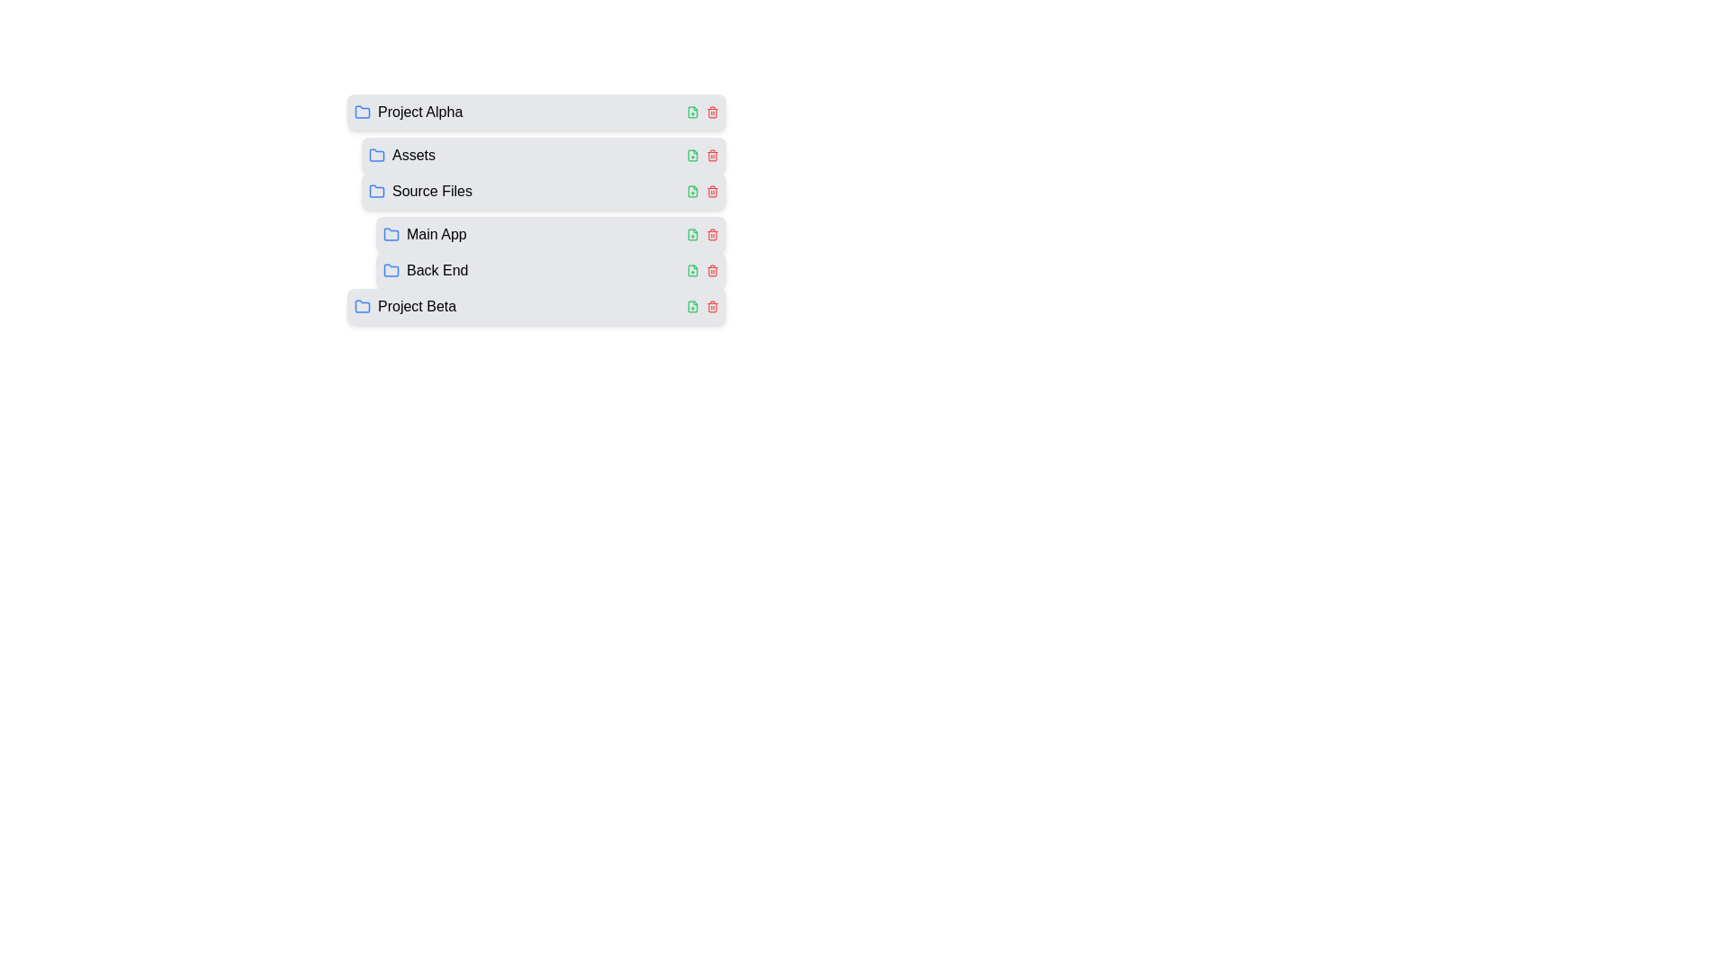 The height and width of the screenshot is (972, 1728). What do you see at coordinates (691, 270) in the screenshot?
I see `the file icon associated with the 'Back End' folder to interact with it` at bounding box center [691, 270].